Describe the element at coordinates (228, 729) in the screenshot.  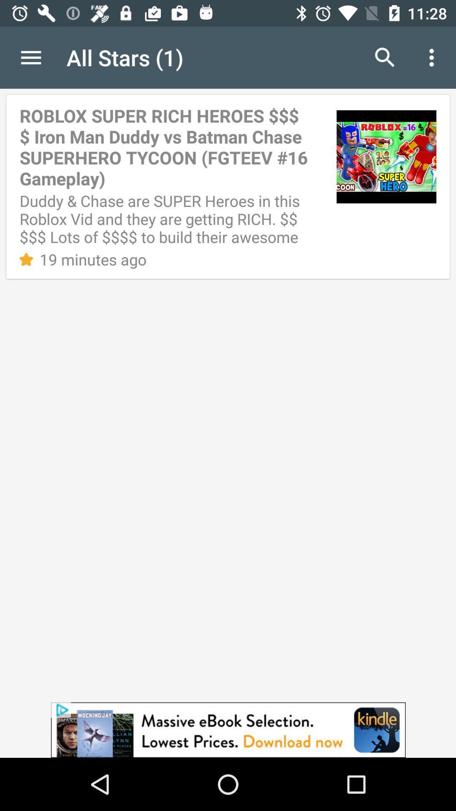
I see `advertisement option` at that location.